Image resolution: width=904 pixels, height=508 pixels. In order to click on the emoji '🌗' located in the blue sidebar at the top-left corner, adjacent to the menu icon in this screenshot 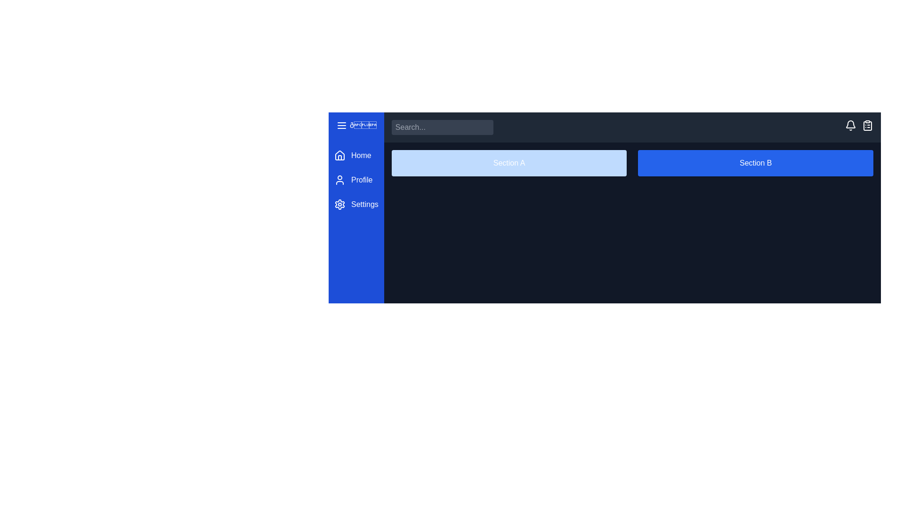, I will do `click(355, 125)`.